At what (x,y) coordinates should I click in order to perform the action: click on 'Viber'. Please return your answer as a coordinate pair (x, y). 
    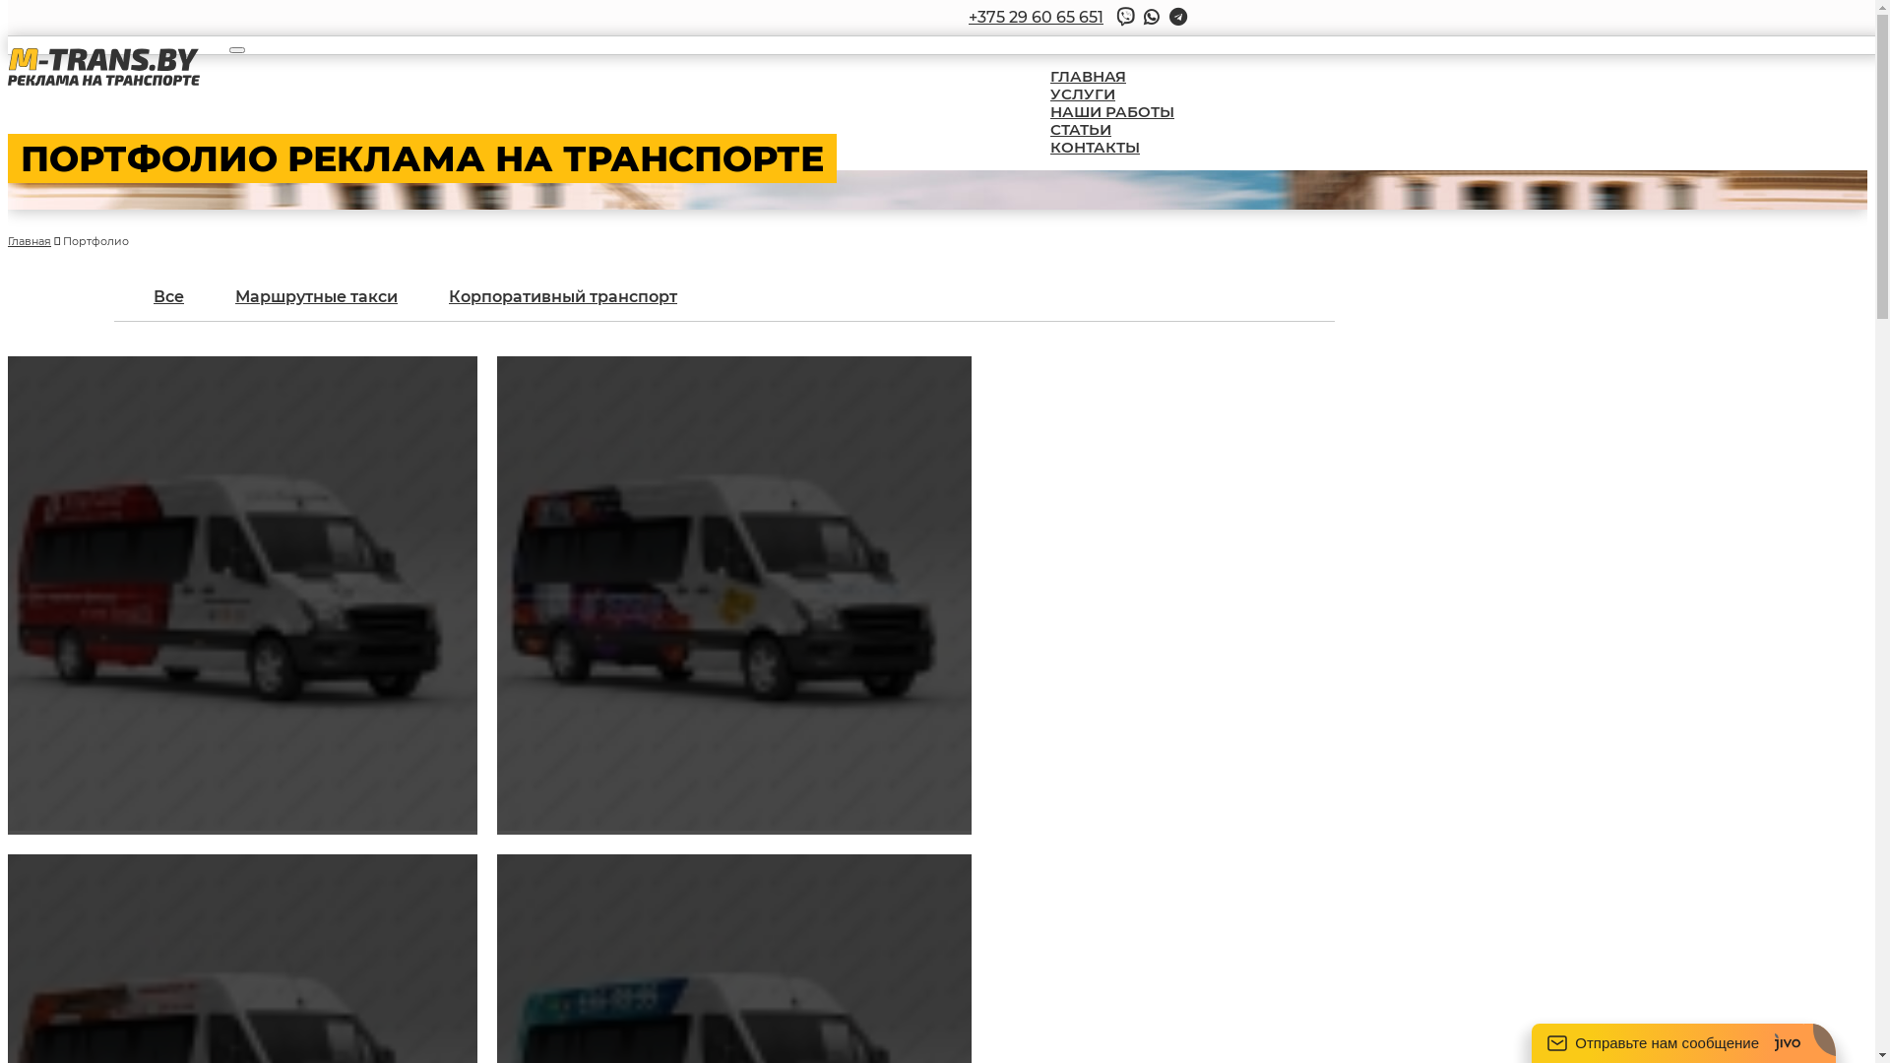
    Looking at the image, I should click on (1124, 17).